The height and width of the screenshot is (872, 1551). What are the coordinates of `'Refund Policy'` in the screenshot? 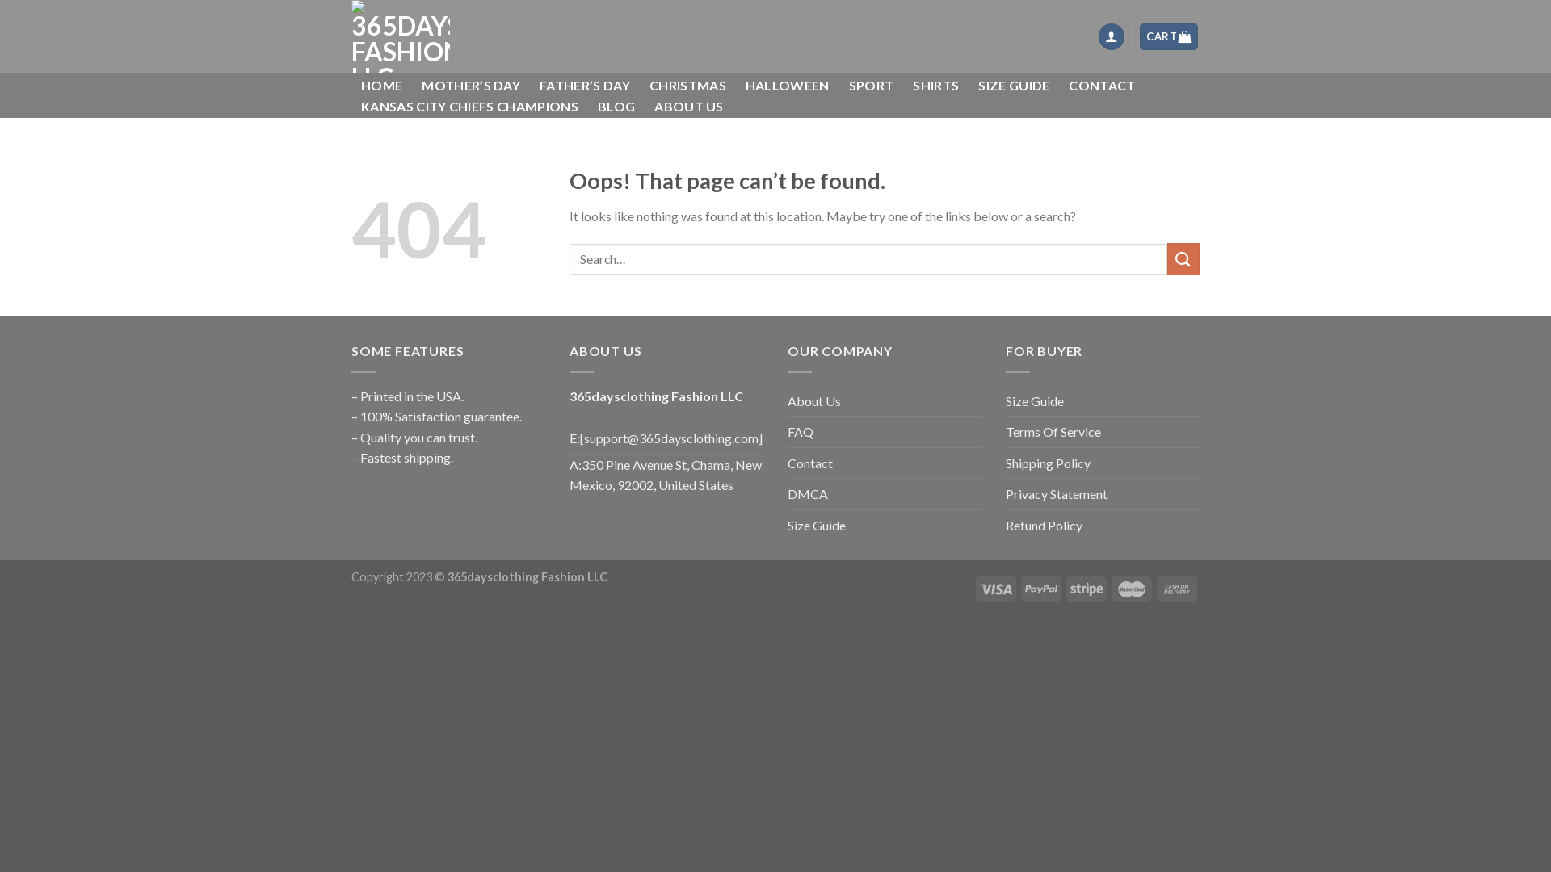 It's located at (1004, 526).